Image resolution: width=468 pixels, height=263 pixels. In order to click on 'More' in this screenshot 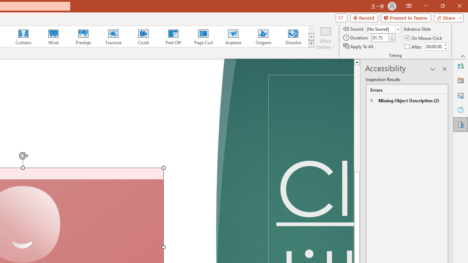, I will do `click(445, 44)`.